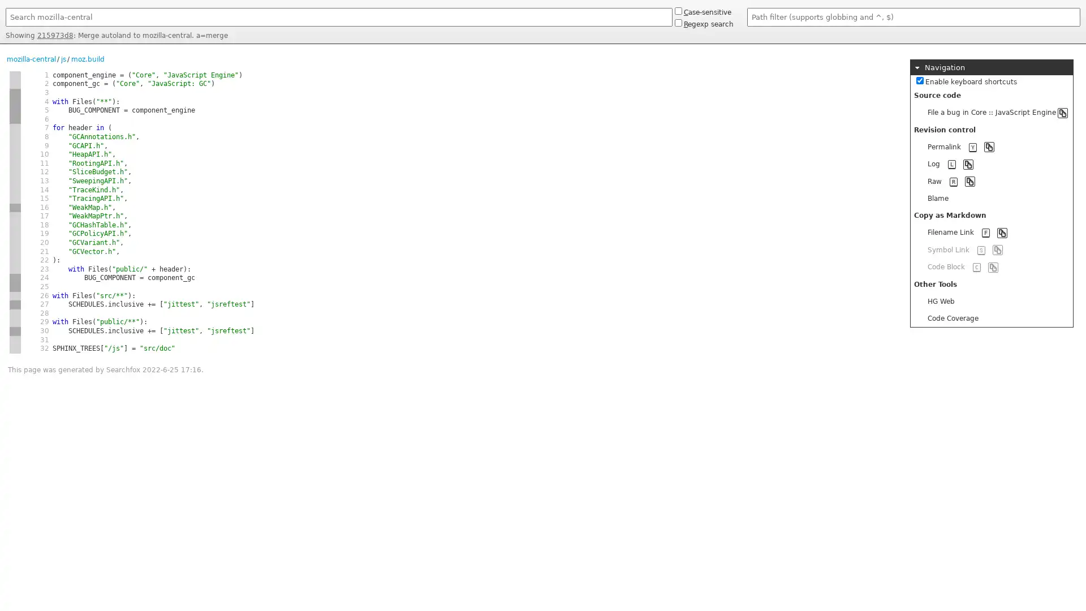 Image resolution: width=1086 pixels, height=611 pixels. I want to click on new hash 2, so click(15, 278).